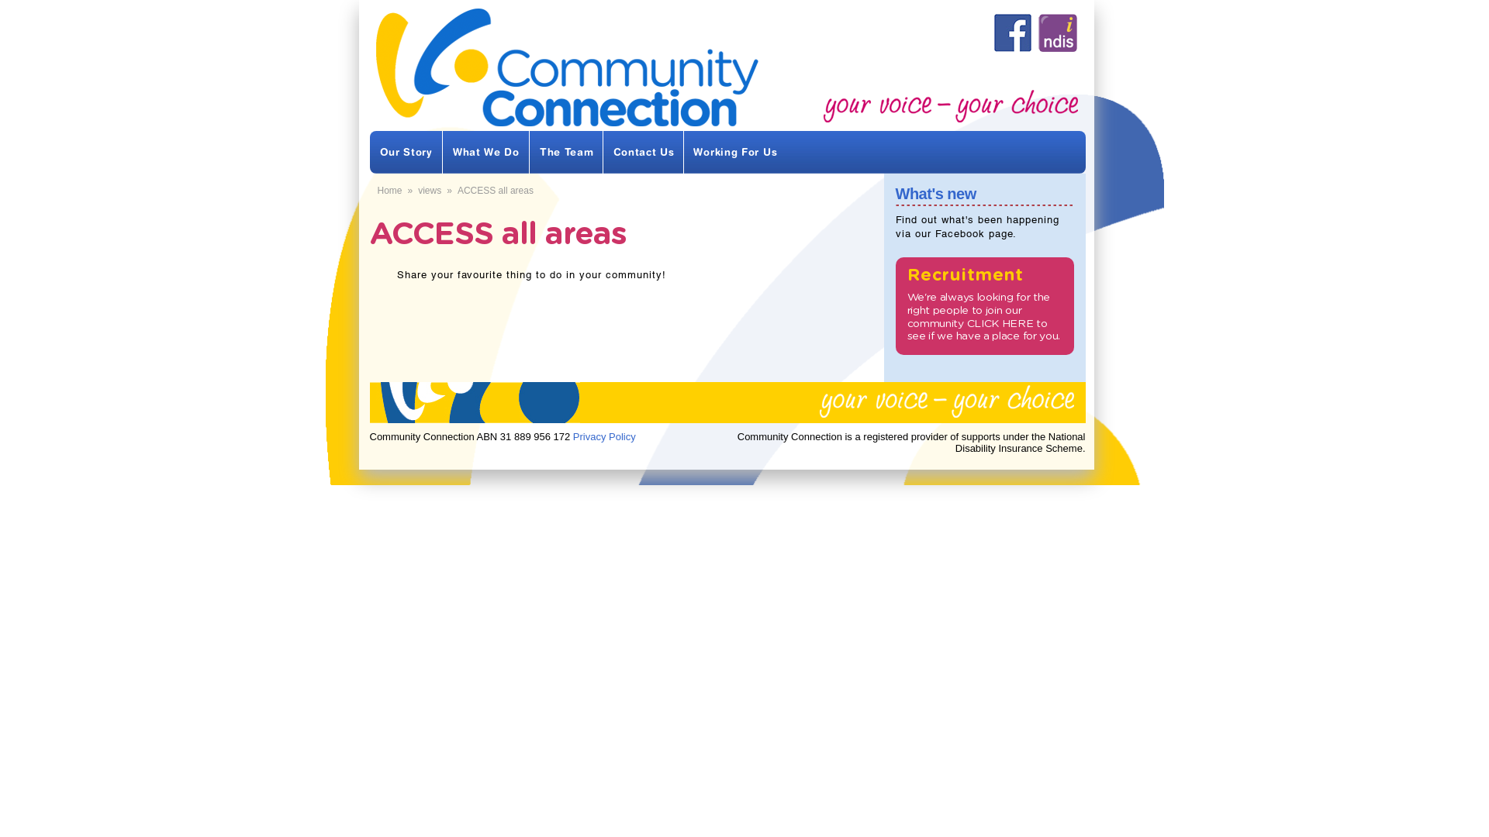 The image size is (1489, 837). What do you see at coordinates (565, 149) in the screenshot?
I see `'The Team'` at bounding box center [565, 149].